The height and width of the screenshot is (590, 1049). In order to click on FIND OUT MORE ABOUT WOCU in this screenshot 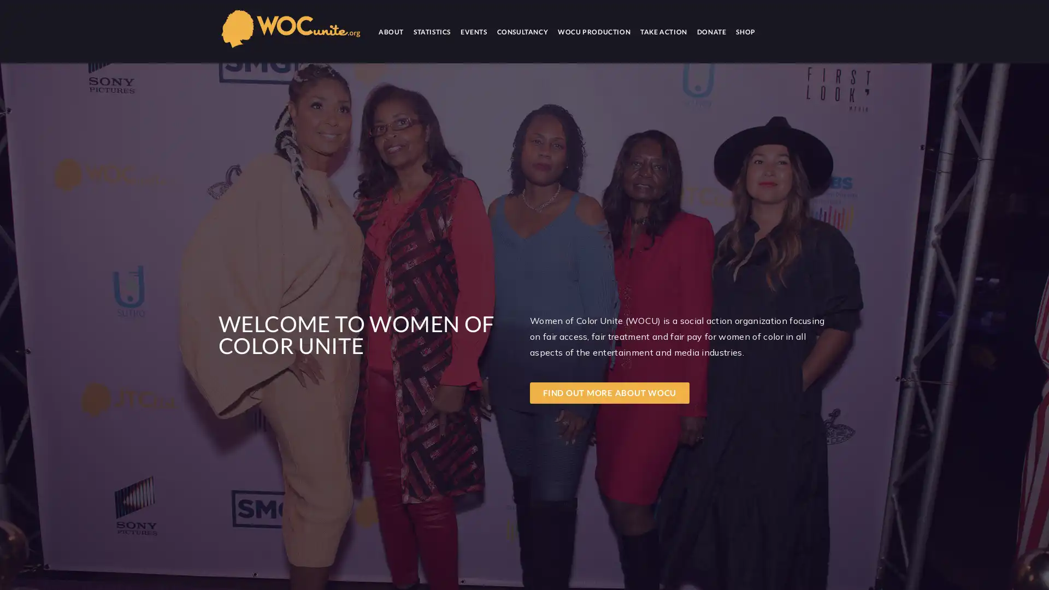, I will do `click(609, 392)`.